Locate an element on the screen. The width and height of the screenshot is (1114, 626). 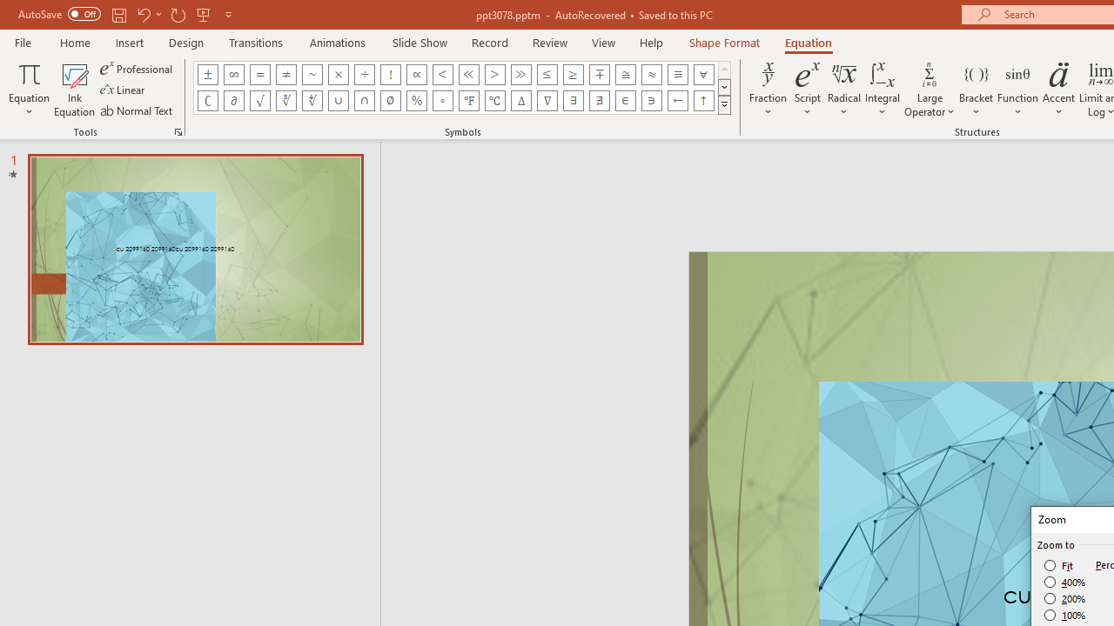
'Equation Symbol Approximately' is located at coordinates (312, 74).